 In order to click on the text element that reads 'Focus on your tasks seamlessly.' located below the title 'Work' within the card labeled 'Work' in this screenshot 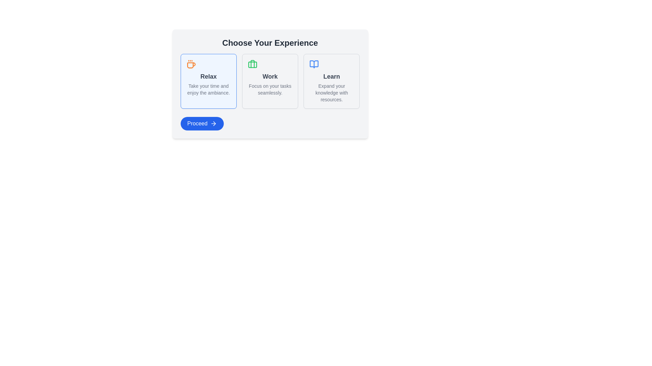, I will do `click(270, 89)`.